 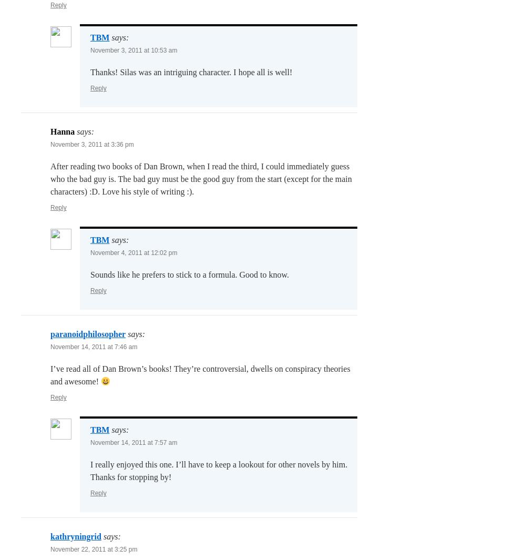 What do you see at coordinates (94, 549) in the screenshot?
I see `'November 22, 2011 at 3:25 pm'` at bounding box center [94, 549].